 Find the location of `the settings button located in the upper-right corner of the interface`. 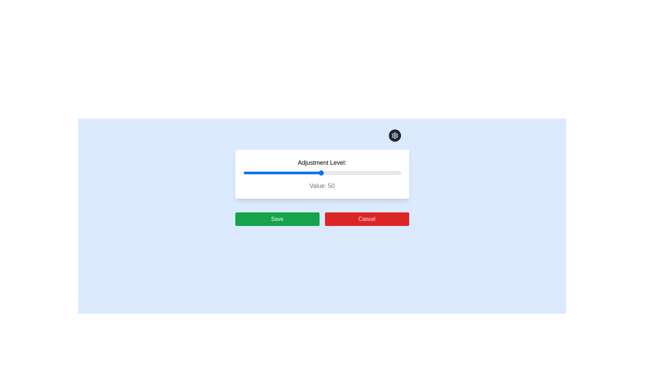

the settings button located in the upper-right corner of the interface is located at coordinates (395, 135).